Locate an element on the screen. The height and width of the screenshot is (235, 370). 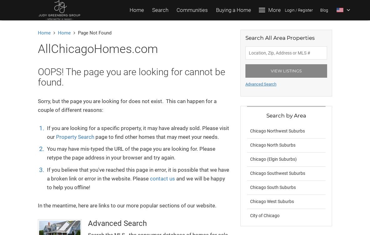
'Search' is located at coordinates (118, 10).